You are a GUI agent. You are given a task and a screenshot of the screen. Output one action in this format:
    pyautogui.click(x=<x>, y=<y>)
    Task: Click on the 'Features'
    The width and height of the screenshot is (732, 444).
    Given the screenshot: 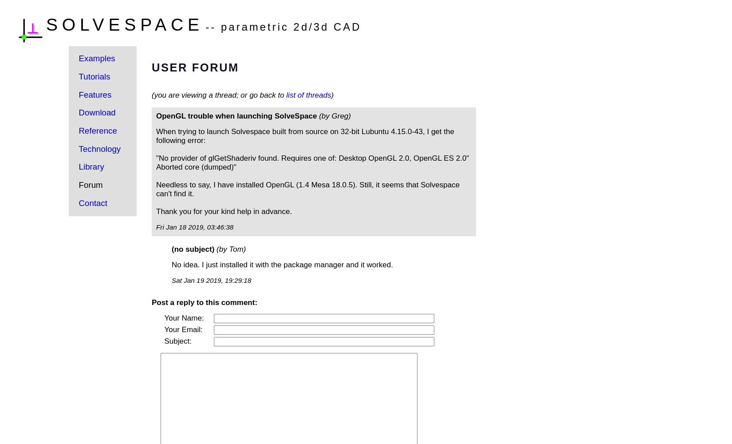 What is the action you would take?
    pyautogui.click(x=95, y=94)
    